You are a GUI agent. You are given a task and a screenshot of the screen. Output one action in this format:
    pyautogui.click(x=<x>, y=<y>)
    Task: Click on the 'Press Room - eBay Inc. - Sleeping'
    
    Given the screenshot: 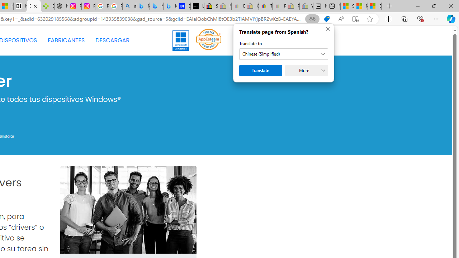 What is the action you would take?
    pyautogui.click(x=293, y=6)
    